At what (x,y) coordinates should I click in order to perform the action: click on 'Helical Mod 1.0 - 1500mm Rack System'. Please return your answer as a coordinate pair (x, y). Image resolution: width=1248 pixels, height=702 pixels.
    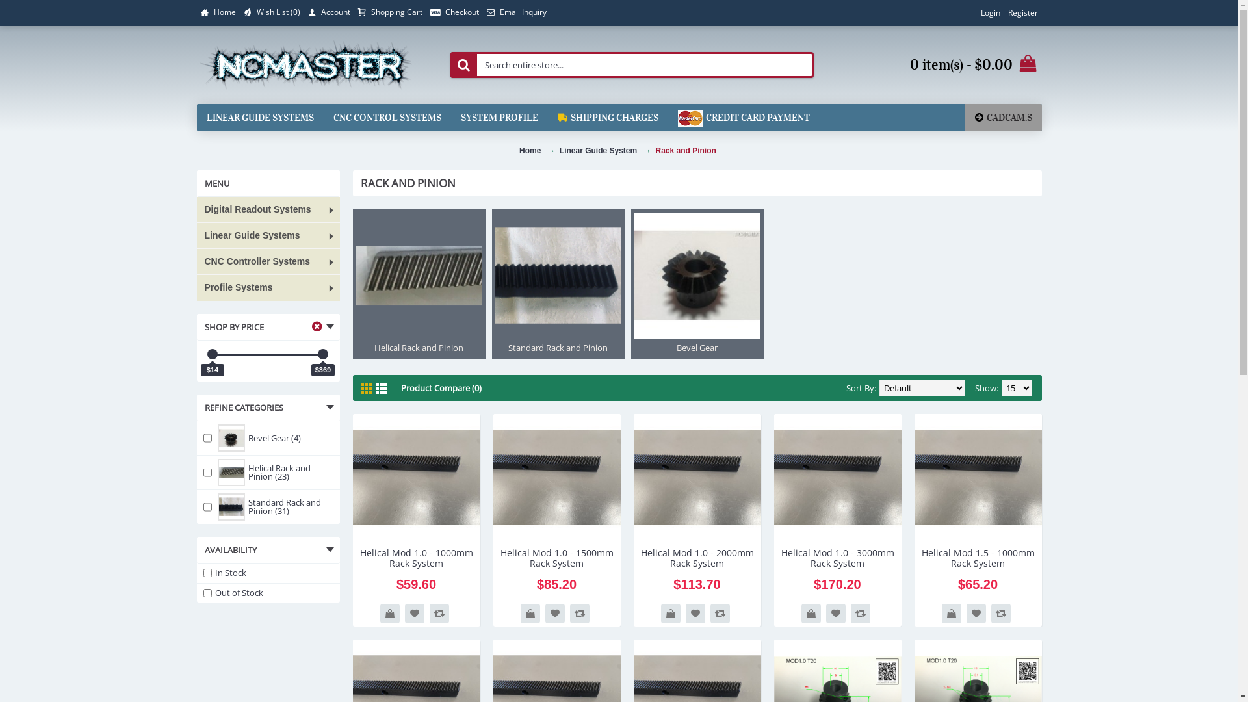
    Looking at the image, I should click on (556, 556).